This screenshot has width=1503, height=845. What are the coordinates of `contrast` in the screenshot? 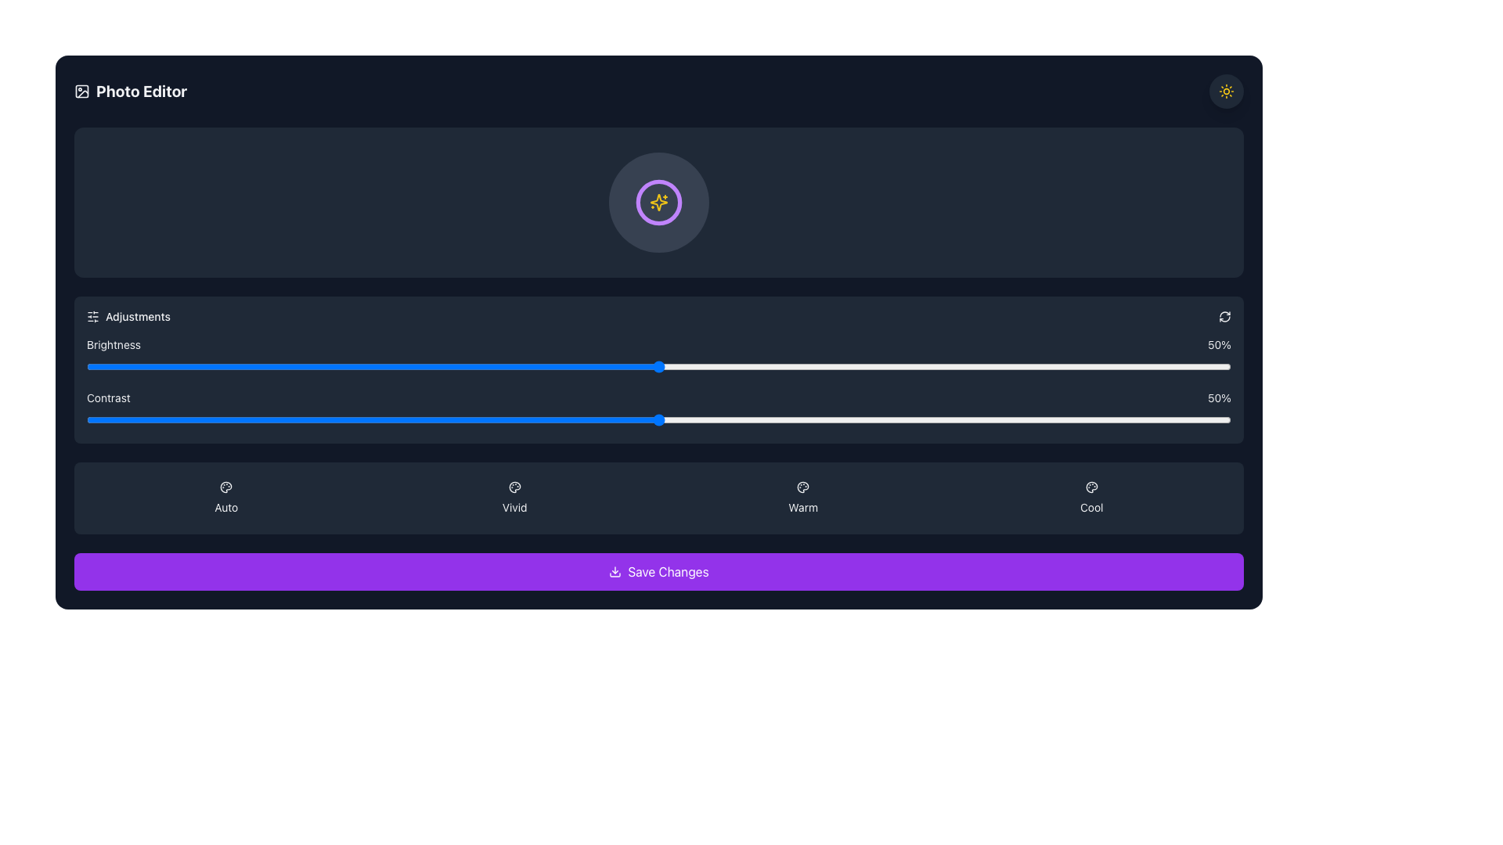 It's located at (624, 367).